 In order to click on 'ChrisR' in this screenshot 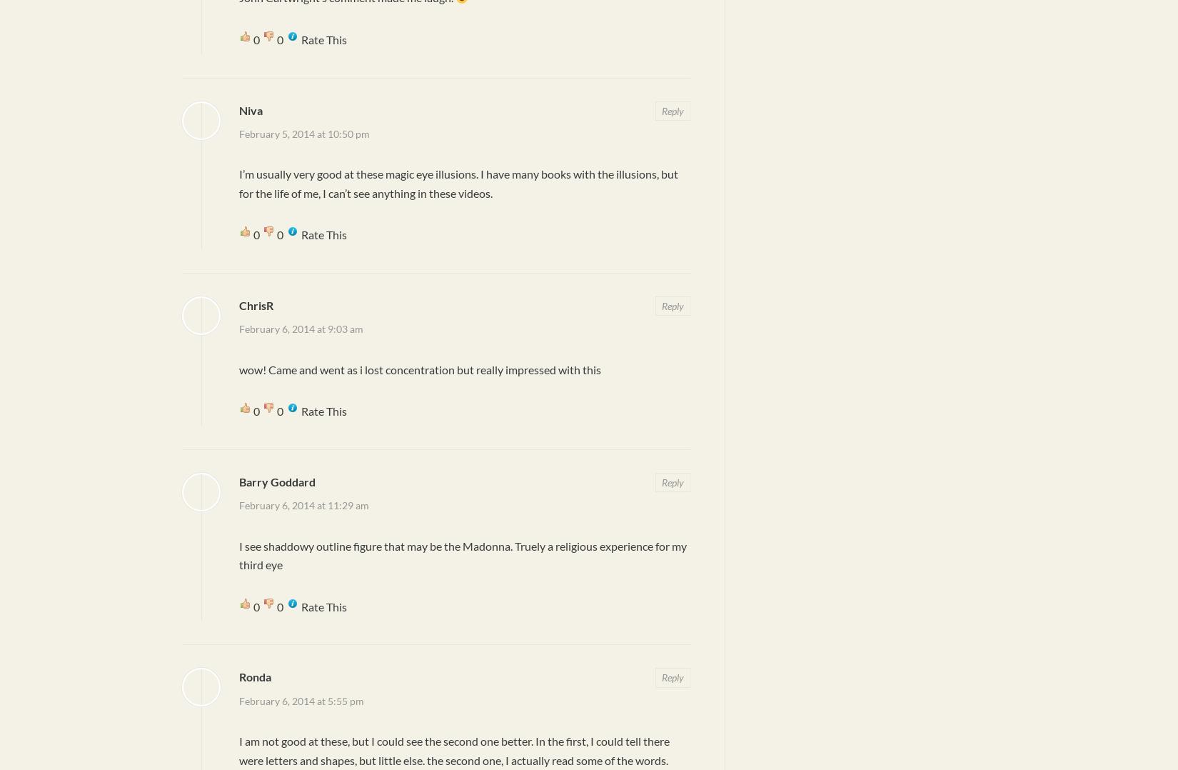, I will do `click(256, 304)`.